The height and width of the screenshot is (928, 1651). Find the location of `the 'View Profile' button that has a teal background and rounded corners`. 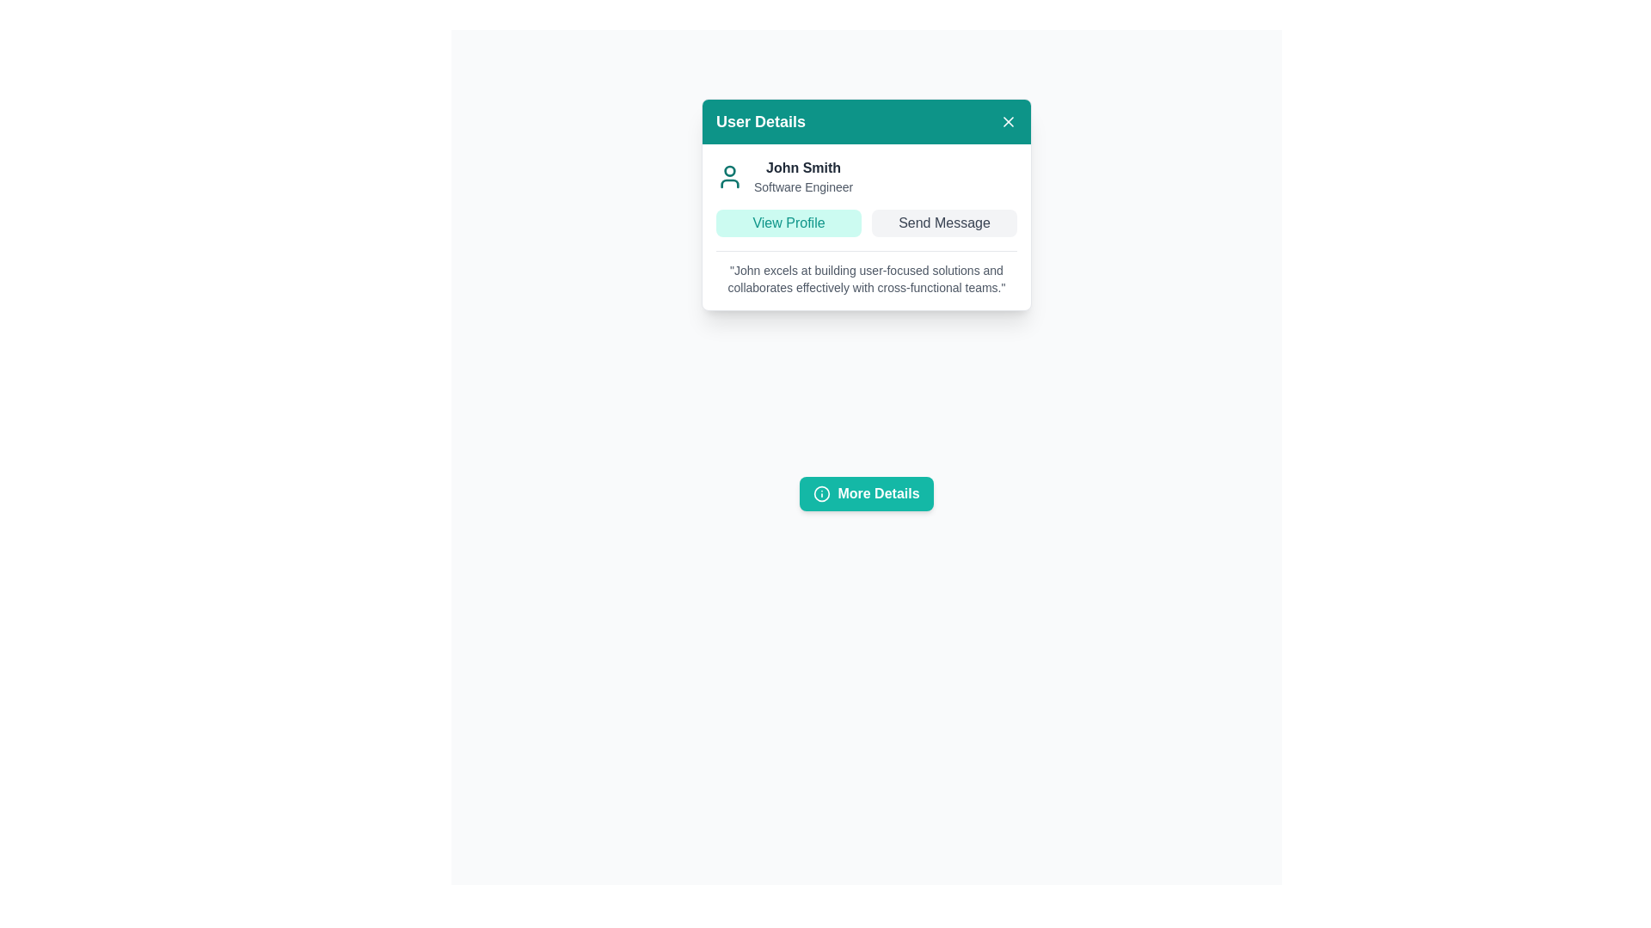

the 'View Profile' button that has a teal background and rounded corners is located at coordinates (788, 222).